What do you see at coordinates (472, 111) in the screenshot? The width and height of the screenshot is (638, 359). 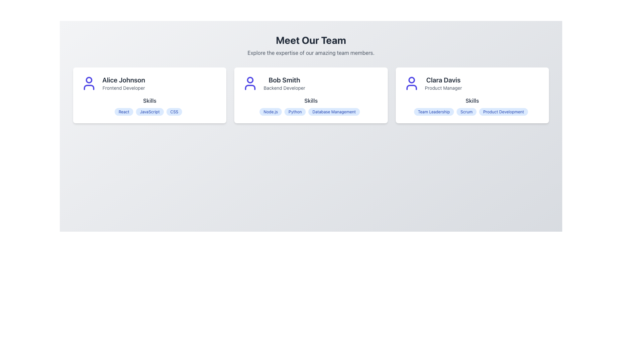 I see `the second badge labeled 'Scrum' in the 'Skills' section of Clara Davis' profile card, which features a blue background and blue text` at bounding box center [472, 111].